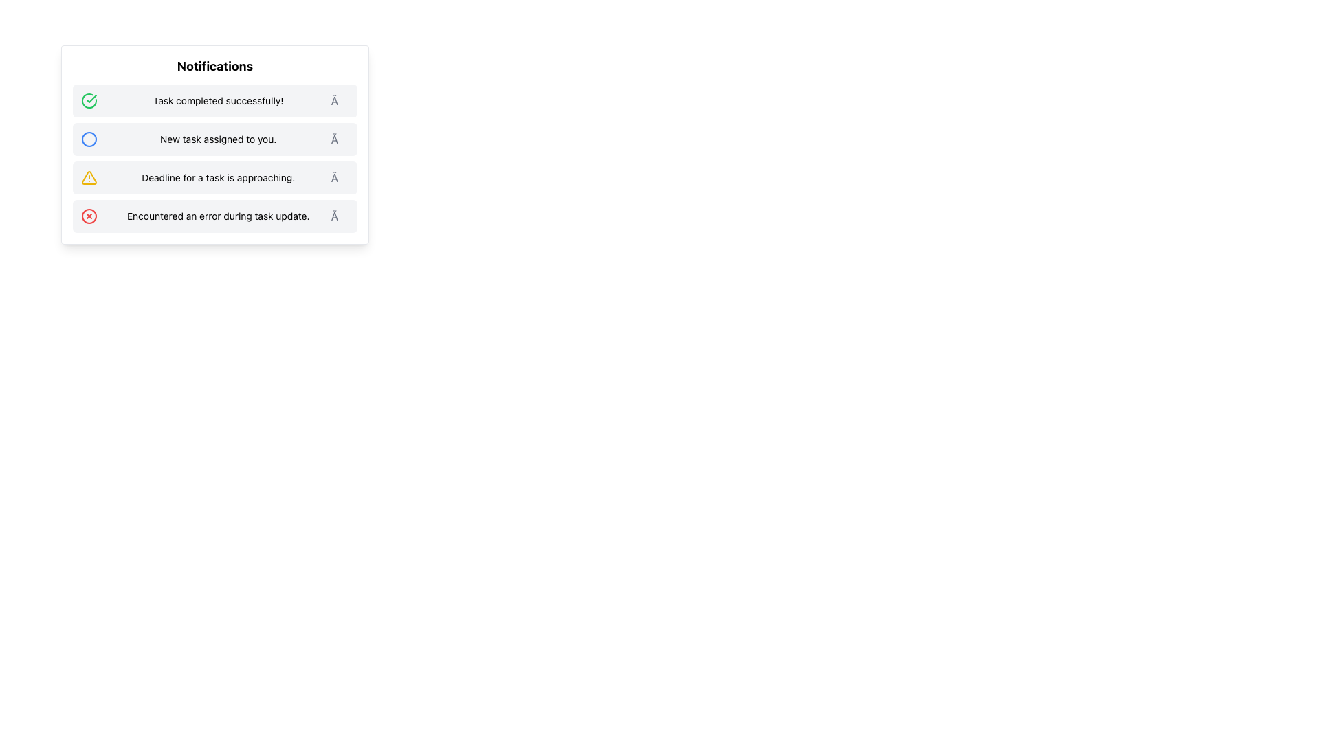 The width and height of the screenshot is (1320, 742). I want to click on static text component that displays 'Task completed successfully!' within the notification box, so click(217, 100).